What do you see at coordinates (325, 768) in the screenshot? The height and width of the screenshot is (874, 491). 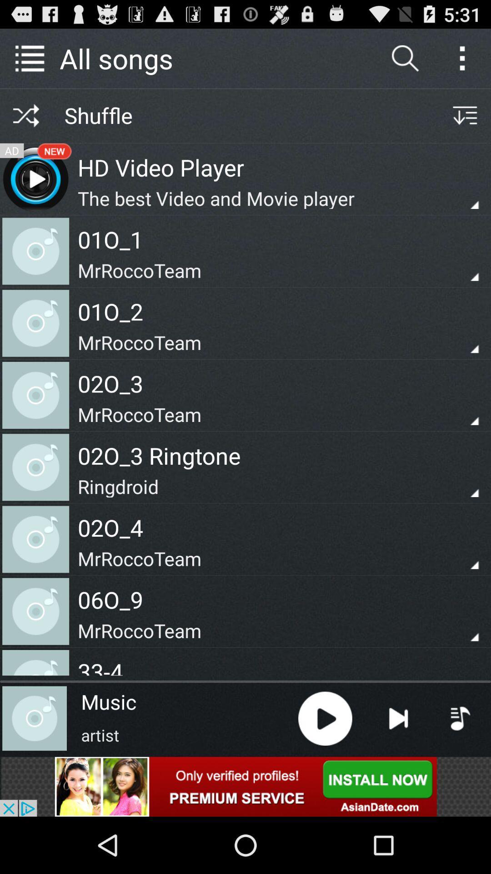 I see `the play icon` at bounding box center [325, 768].